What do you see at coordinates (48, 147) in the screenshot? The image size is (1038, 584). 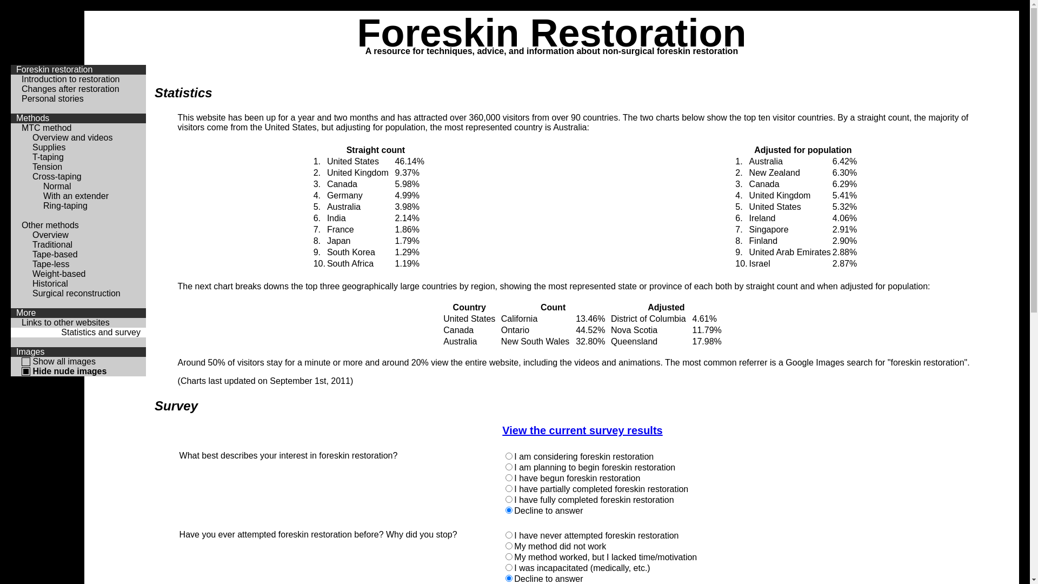 I see `'Supplies'` at bounding box center [48, 147].